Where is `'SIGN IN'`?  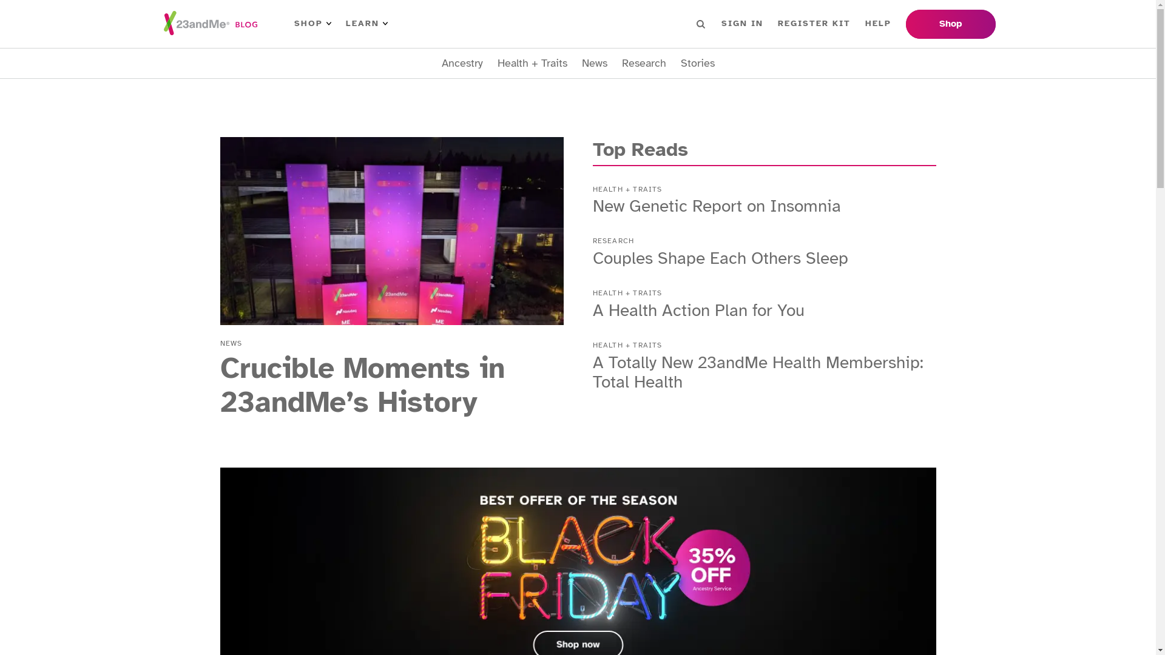
'SIGN IN' is located at coordinates (741, 23).